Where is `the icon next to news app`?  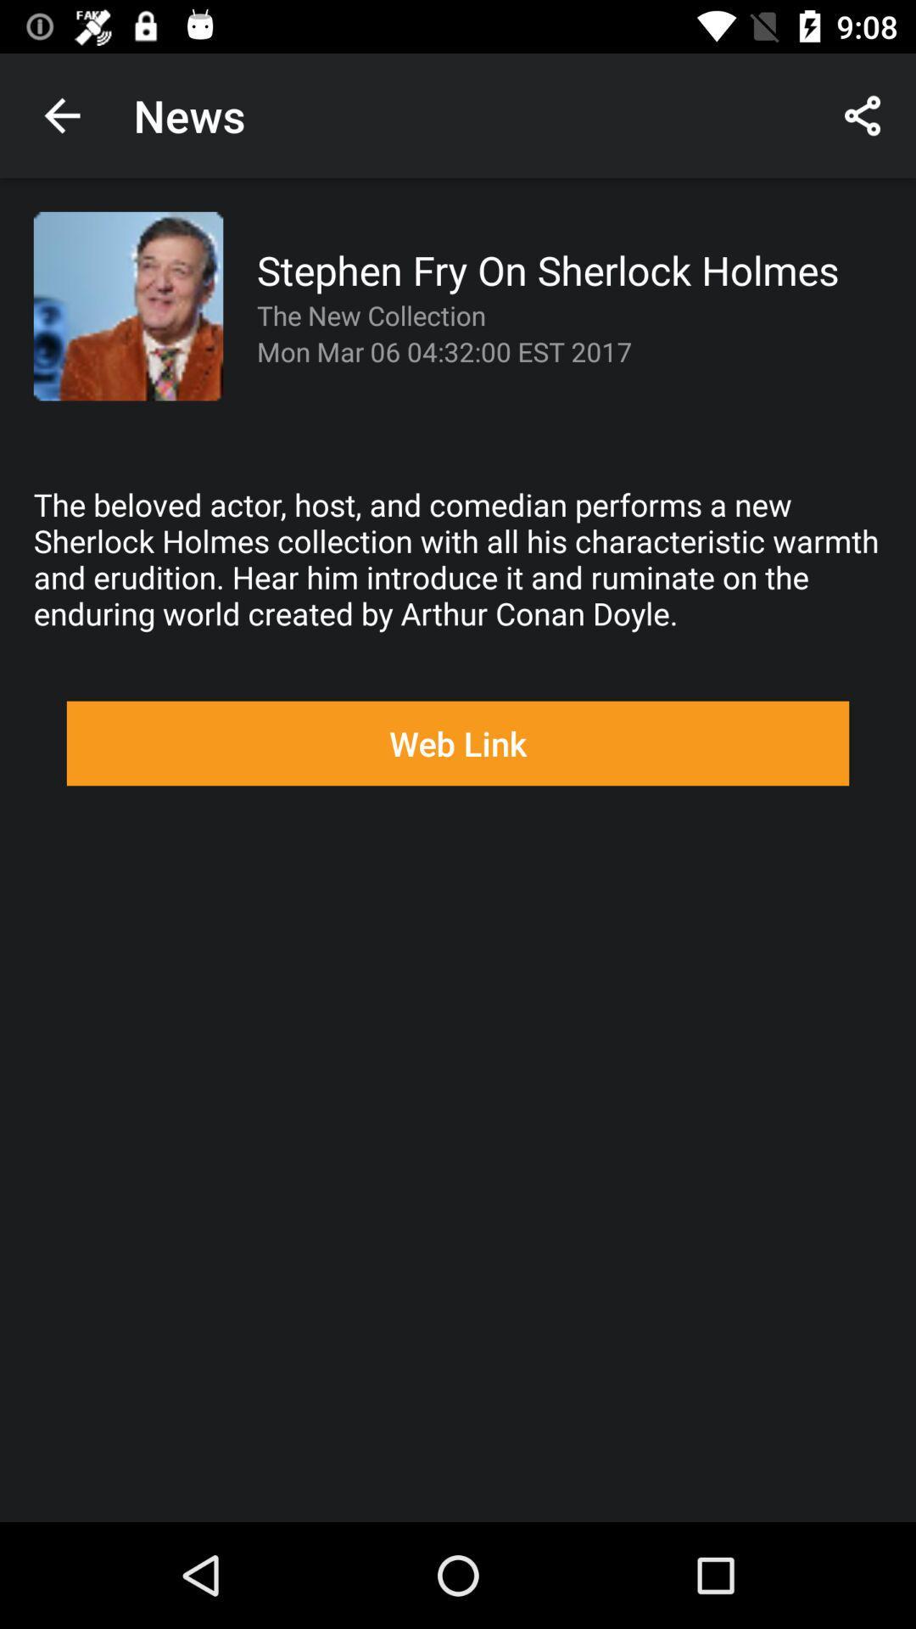 the icon next to news app is located at coordinates (863, 115).